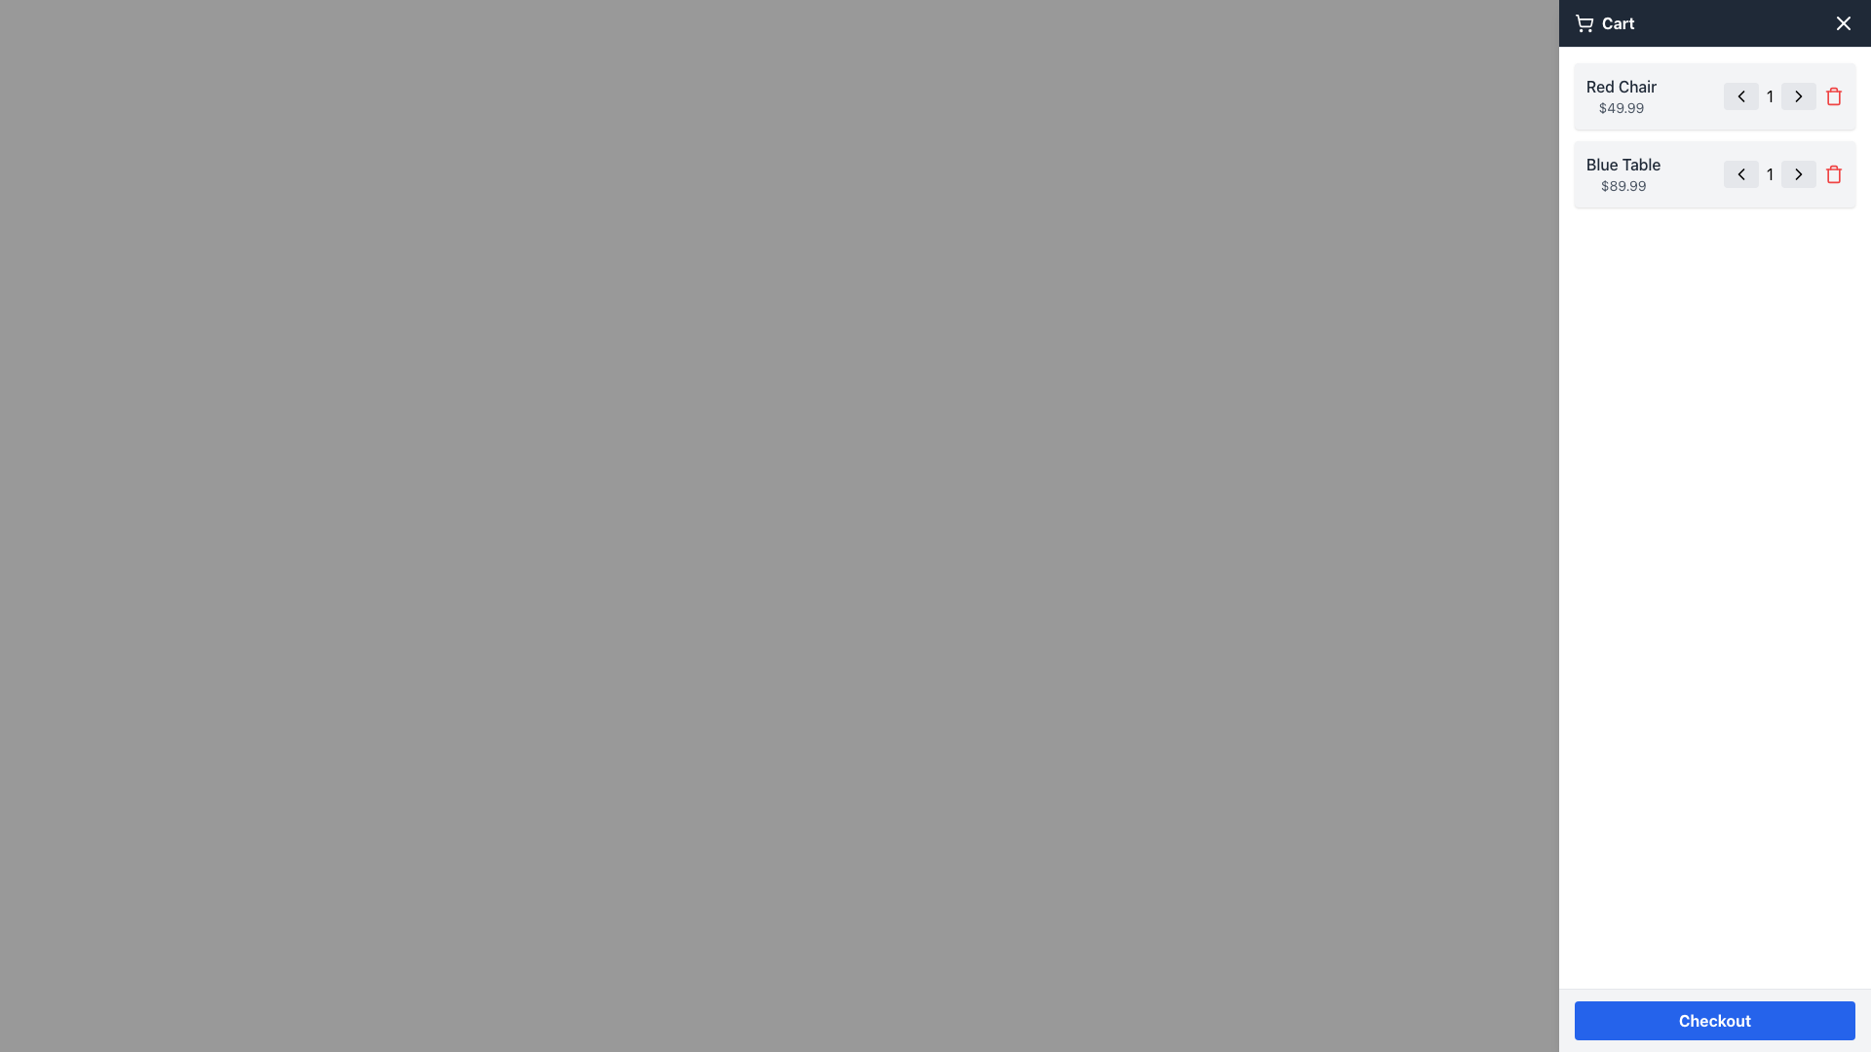  I want to click on text information for the product 'Blue Table' and its price '$89.99' from the text label located in the second product entry in the cart section, so click(1623, 172).